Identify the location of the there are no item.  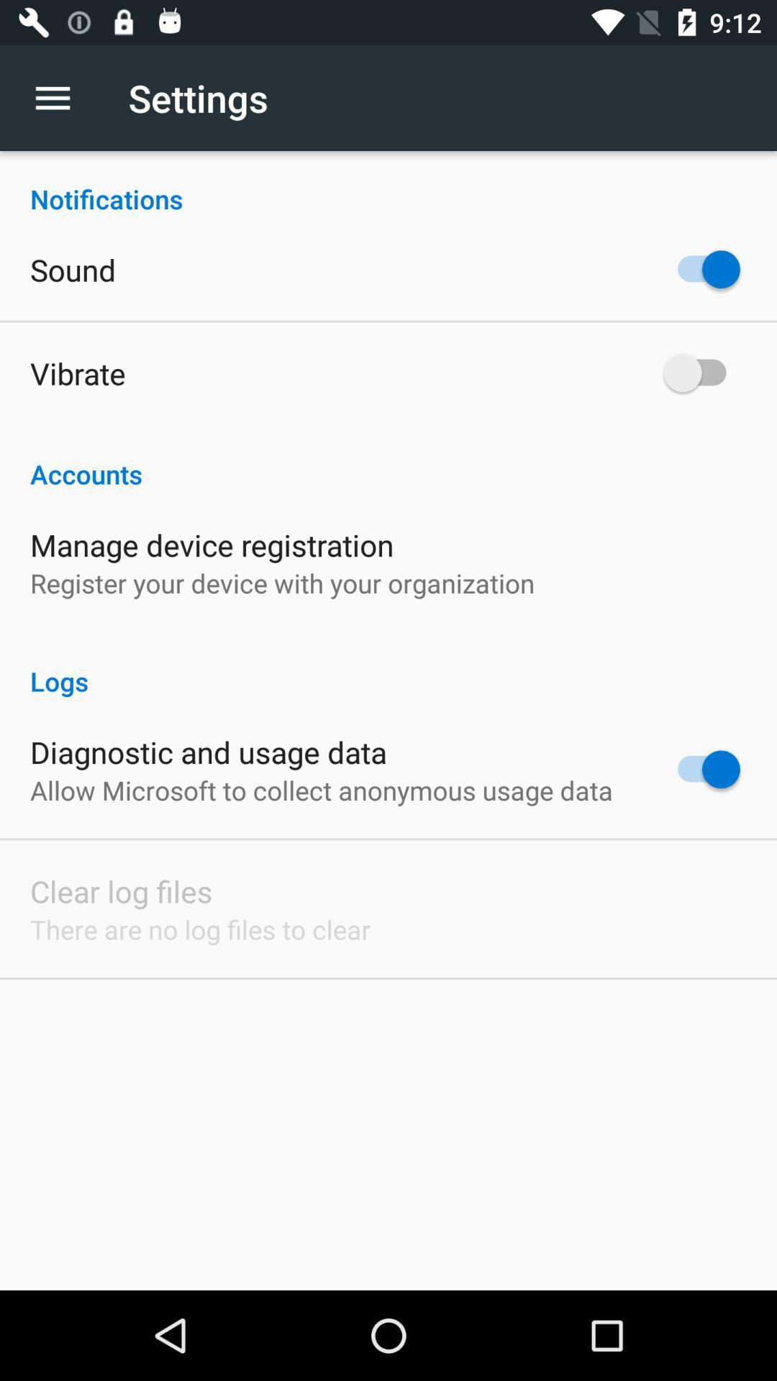
(200, 929).